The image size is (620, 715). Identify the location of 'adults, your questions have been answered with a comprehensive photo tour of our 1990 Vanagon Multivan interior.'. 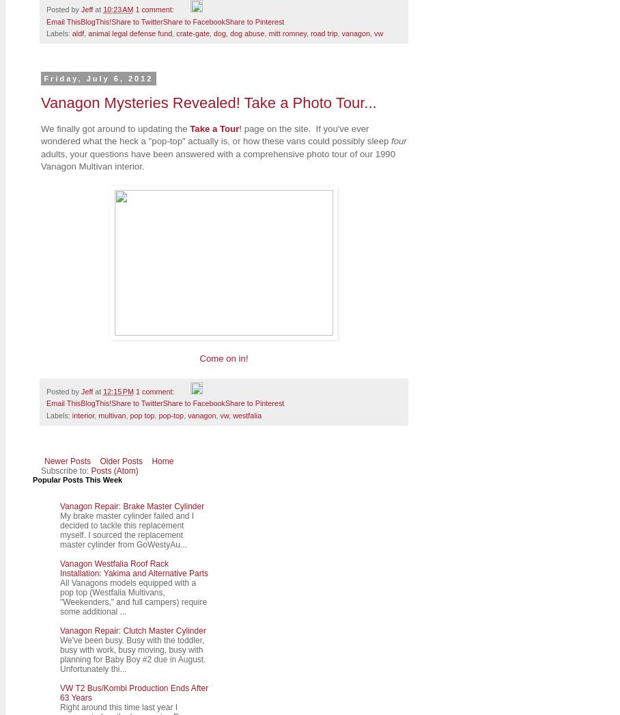
(217, 159).